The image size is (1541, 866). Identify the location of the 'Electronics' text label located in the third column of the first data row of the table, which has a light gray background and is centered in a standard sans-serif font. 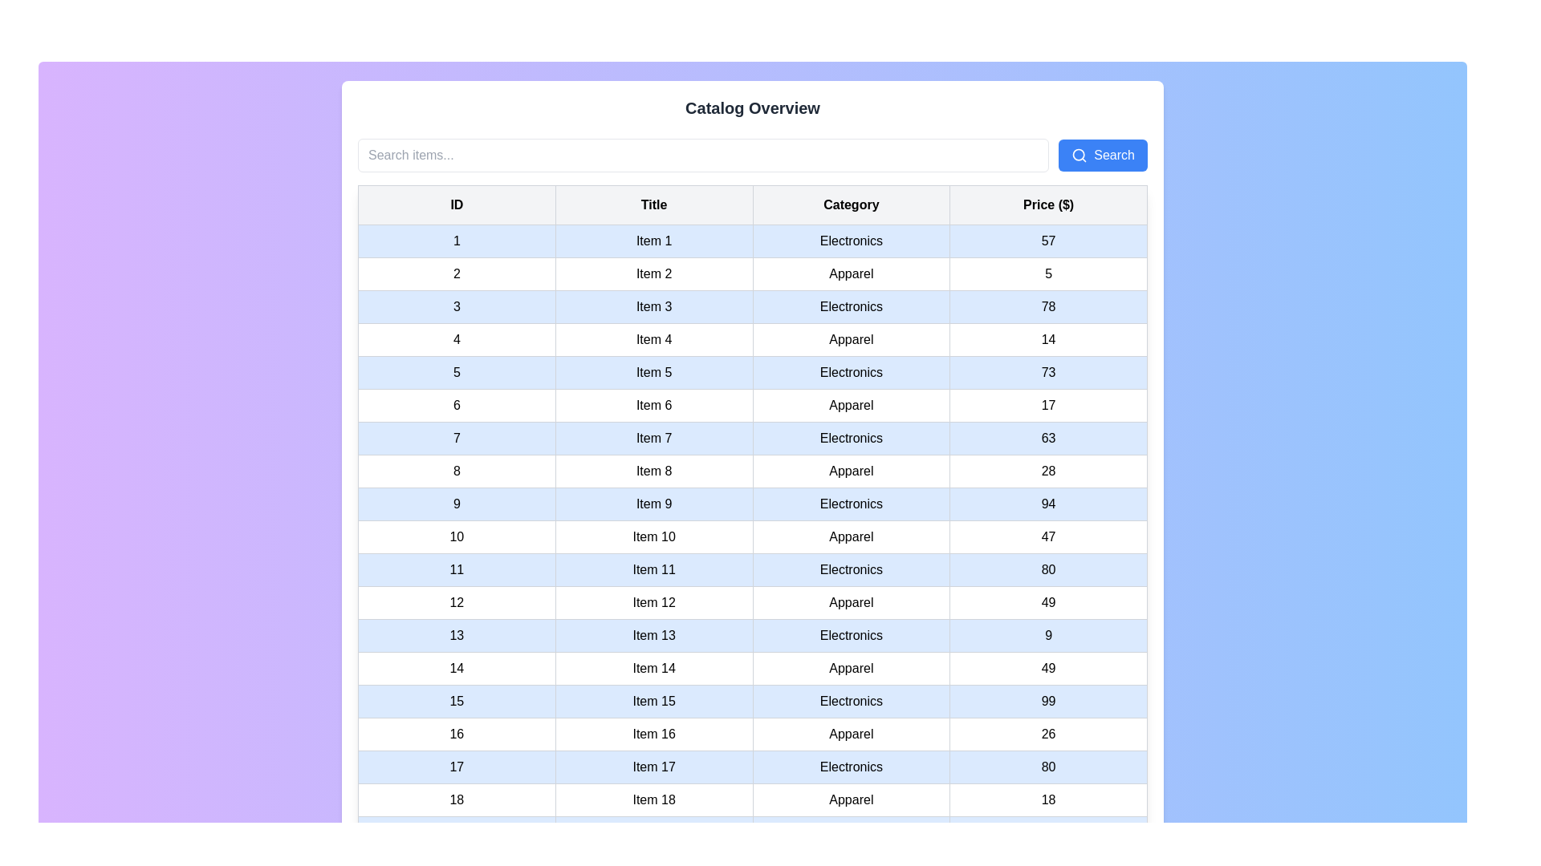
(850, 241).